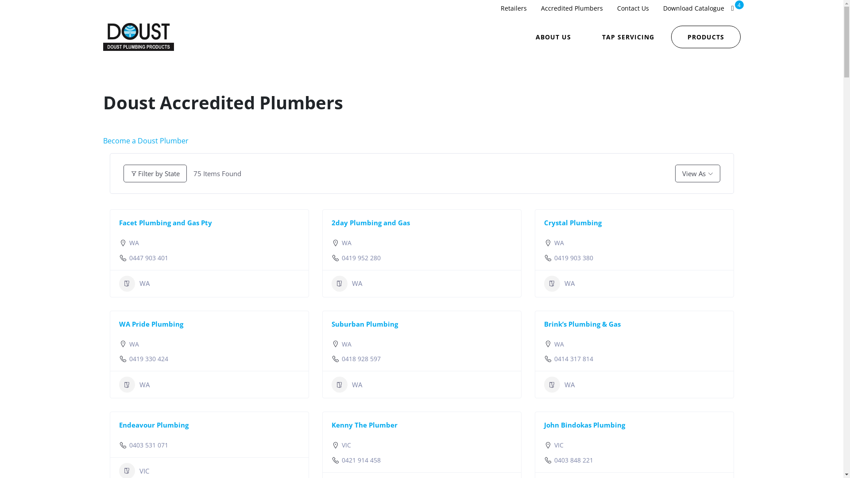 This screenshot has width=850, height=478. I want to click on 'Retailers', so click(493, 8).